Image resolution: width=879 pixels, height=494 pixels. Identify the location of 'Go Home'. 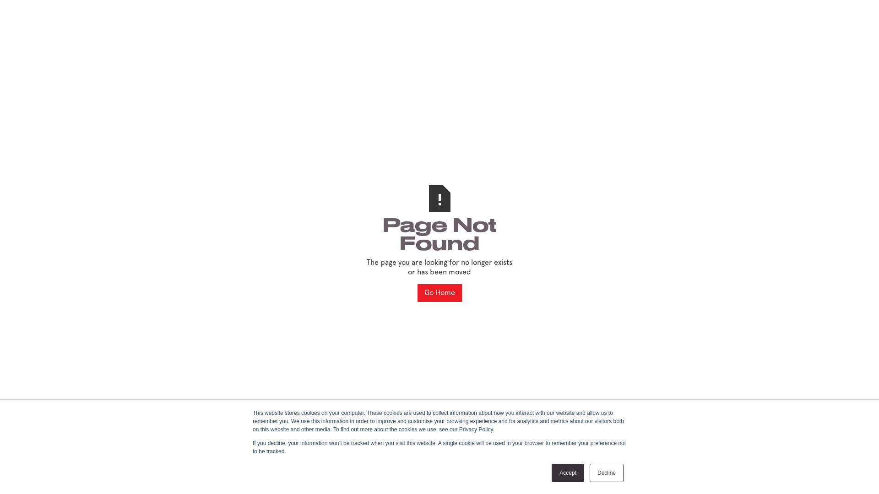
(439, 293).